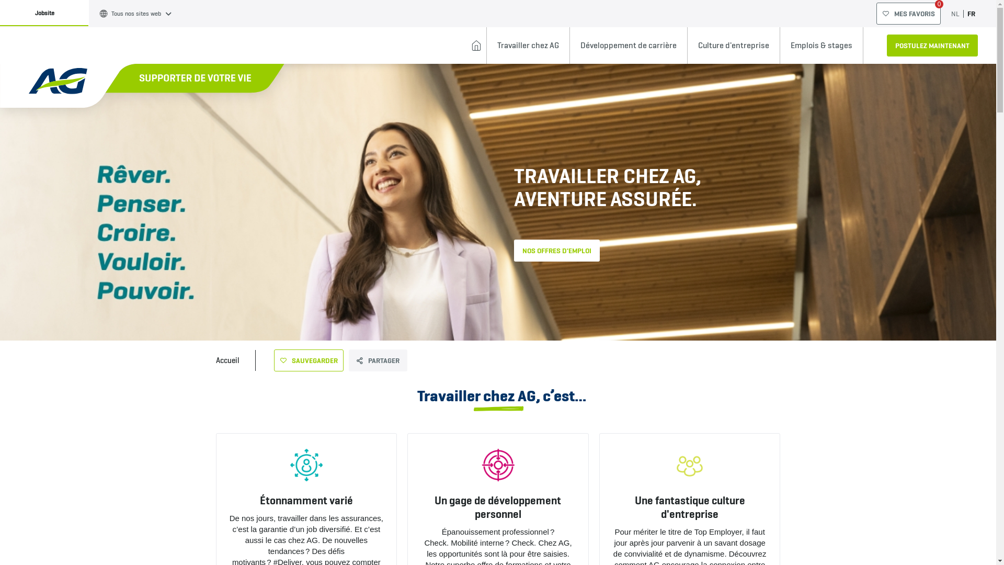  I want to click on 'POSTULEZ MAINTENANT', so click(932, 45).